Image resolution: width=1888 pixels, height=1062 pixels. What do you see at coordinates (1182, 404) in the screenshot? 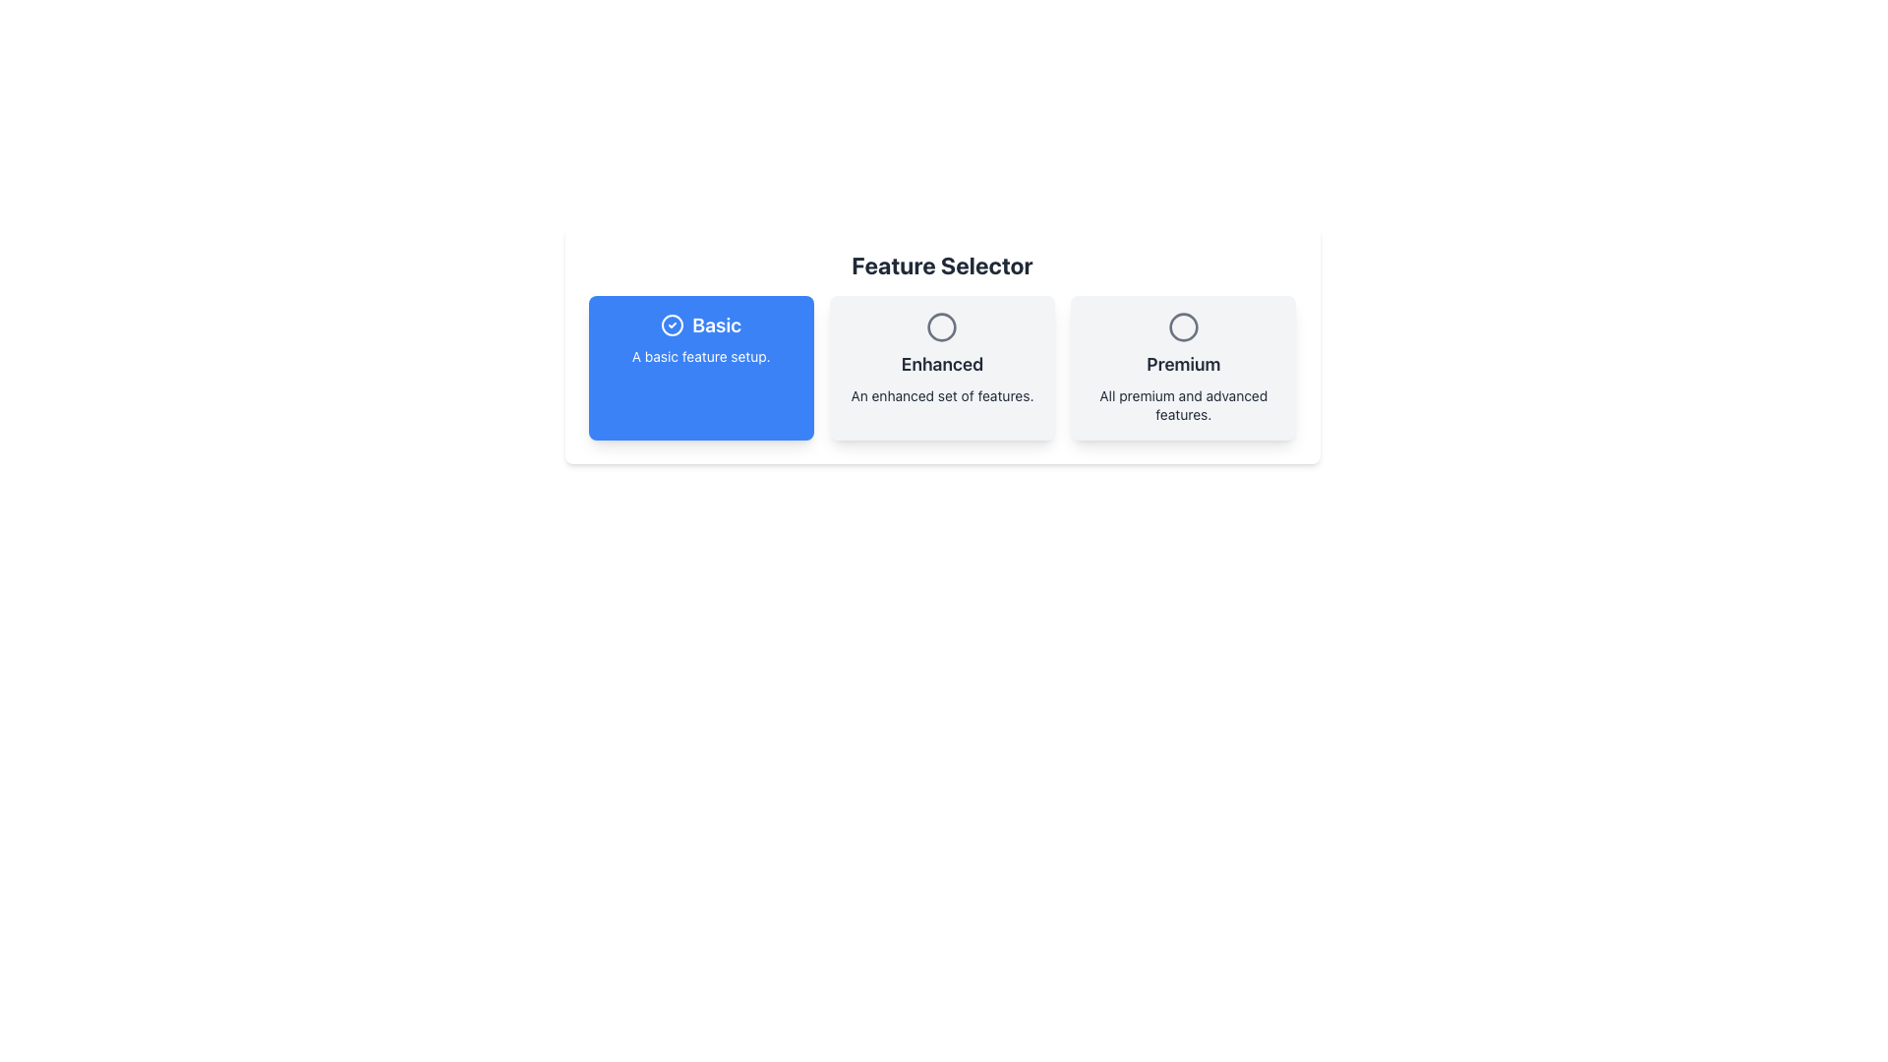
I see `text from the descriptive label located below the 'Premium' heading in the third card, which provides details about the features included in the 'Premium' plan` at bounding box center [1182, 404].